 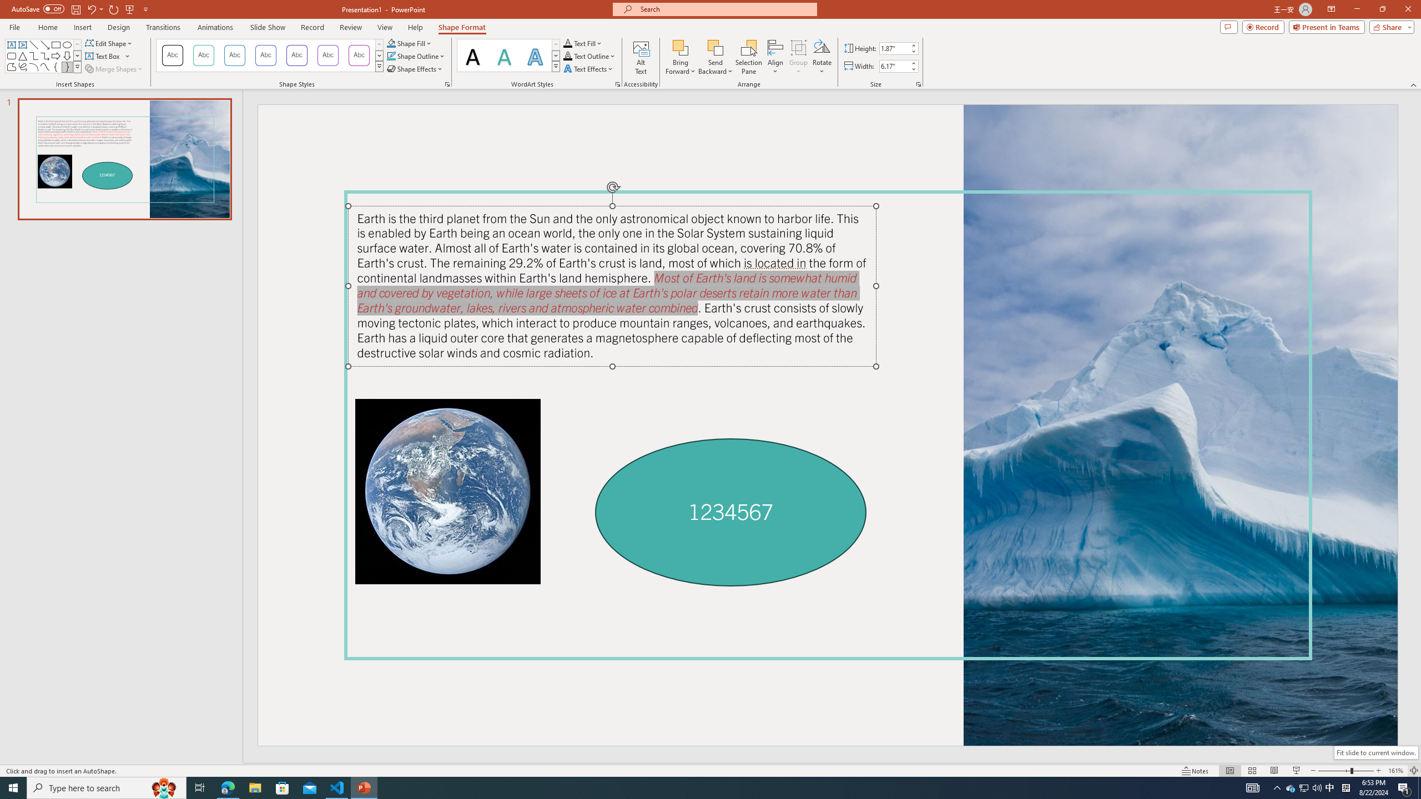 What do you see at coordinates (681, 47) in the screenshot?
I see `'Bring Forward'` at bounding box center [681, 47].